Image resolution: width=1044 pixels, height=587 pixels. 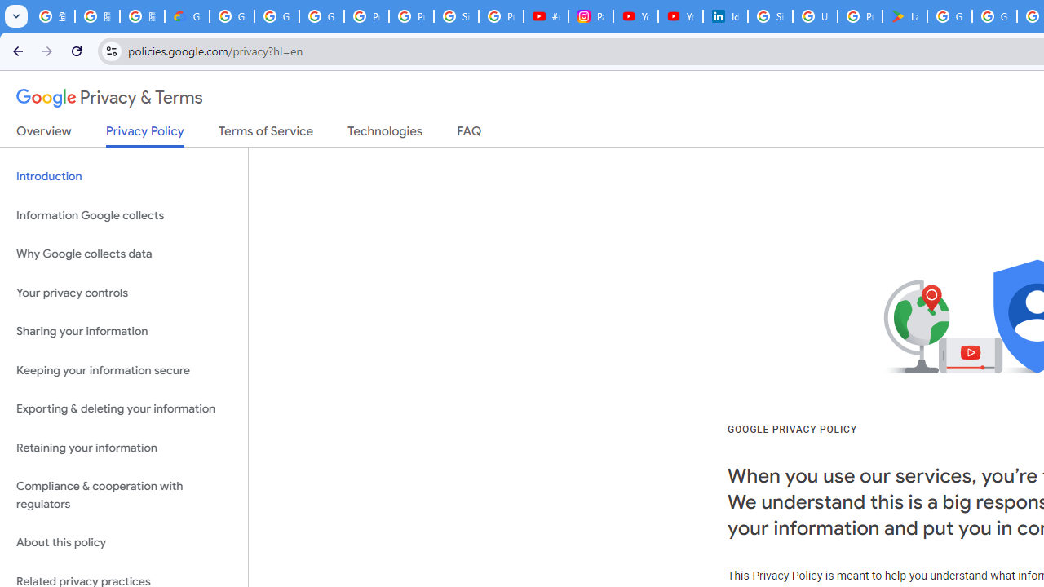 I want to click on 'YouTube Culture & Trends - YouTube Top 10, 2021', so click(x=679, y=16).